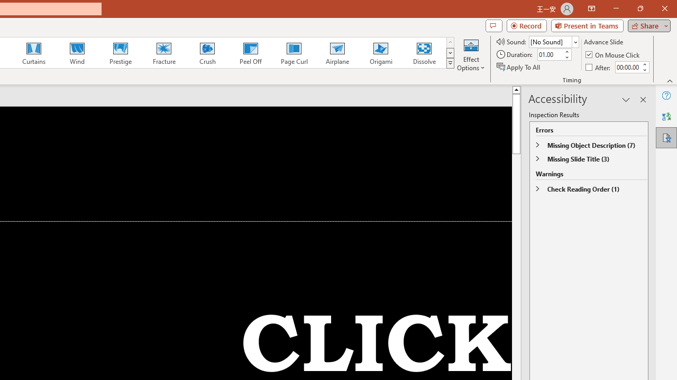  I want to click on 'Sound', so click(553, 41).